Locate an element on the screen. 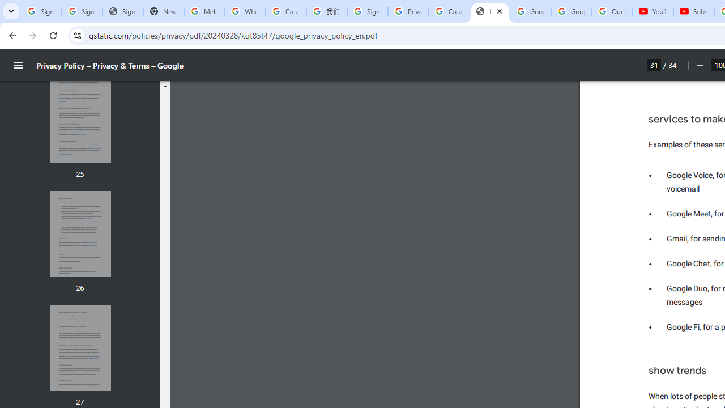 This screenshot has height=408, width=725. 'Thumbnail for page 26' is located at coordinates (79, 233).